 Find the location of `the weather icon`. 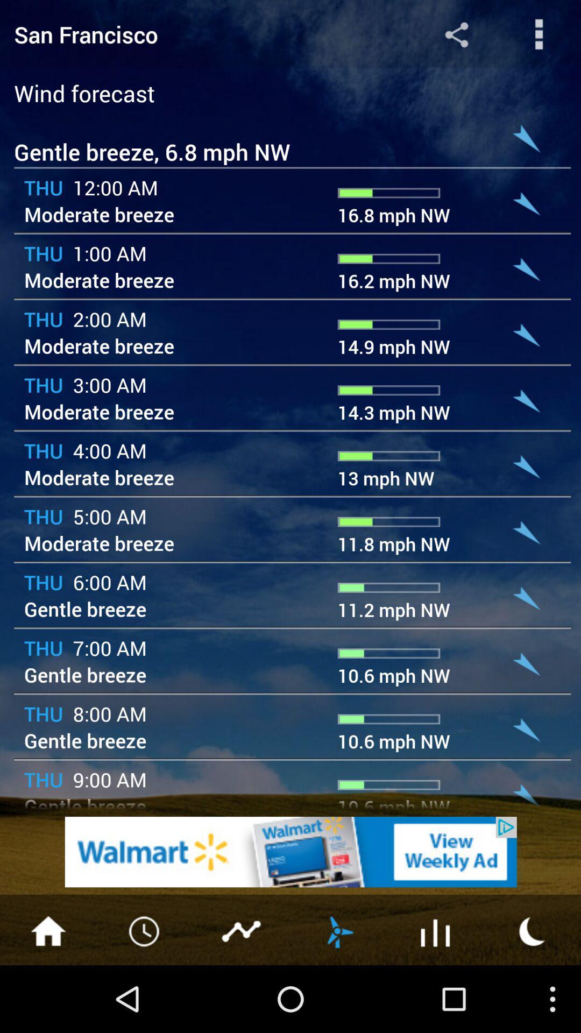

the weather icon is located at coordinates (338, 995).